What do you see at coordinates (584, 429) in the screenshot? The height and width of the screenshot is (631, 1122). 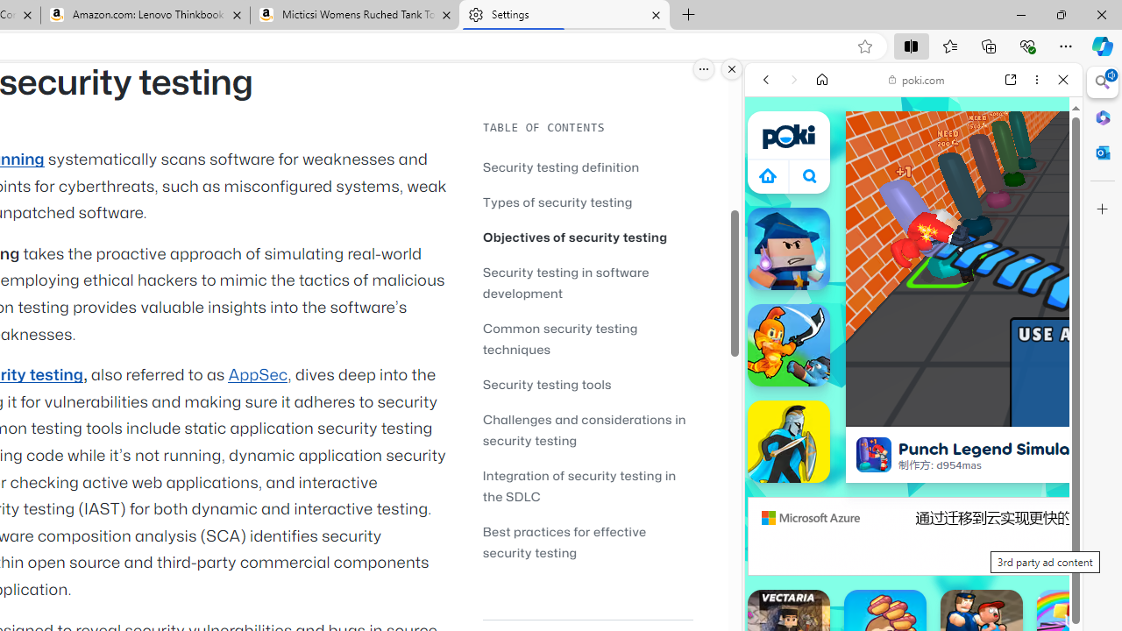 I see `'Challenges and considerations in security testing'` at bounding box center [584, 429].